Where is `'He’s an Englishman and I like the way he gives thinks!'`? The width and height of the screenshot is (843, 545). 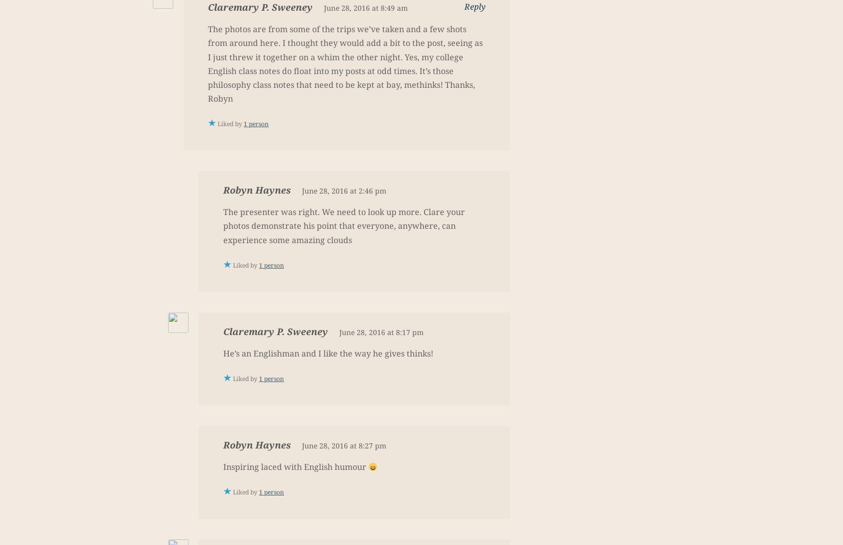
'He’s an Englishman and I like the way he gives thinks!' is located at coordinates (327, 352).